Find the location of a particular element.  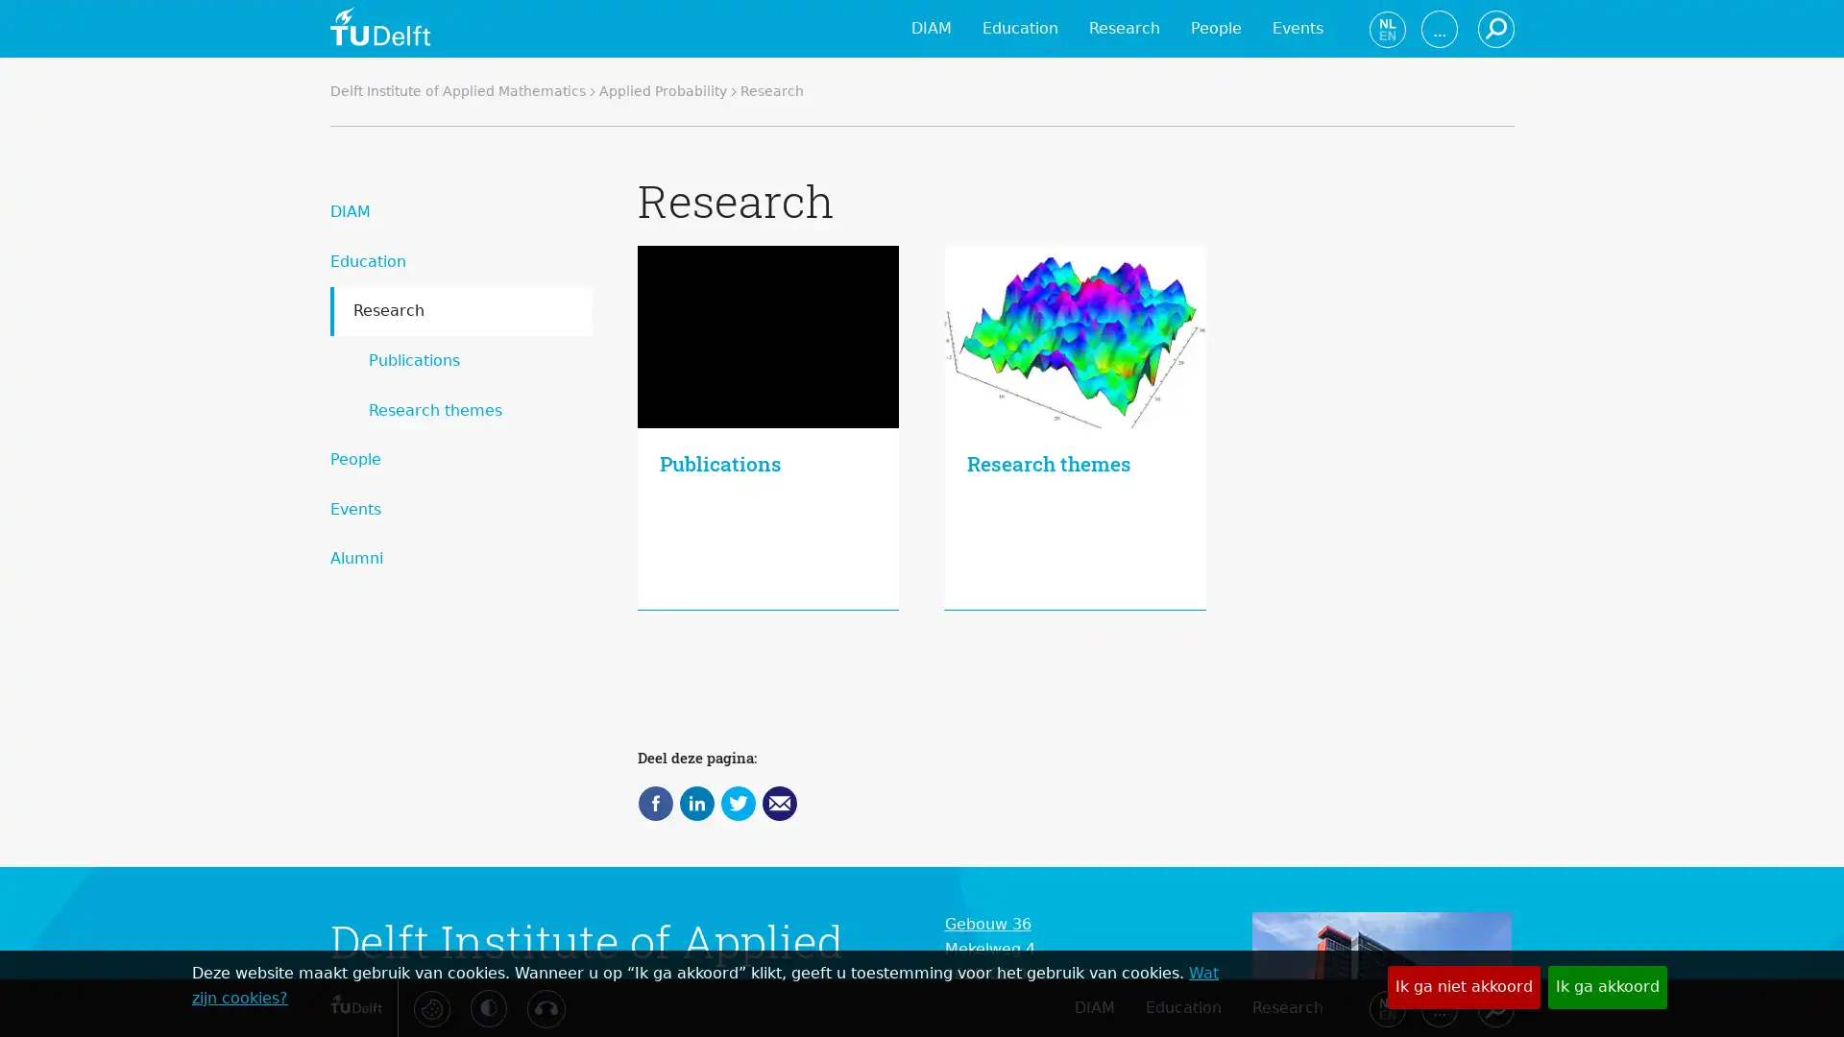

Luister met de ReachDeck-werkbalk is located at coordinates (544, 1007).